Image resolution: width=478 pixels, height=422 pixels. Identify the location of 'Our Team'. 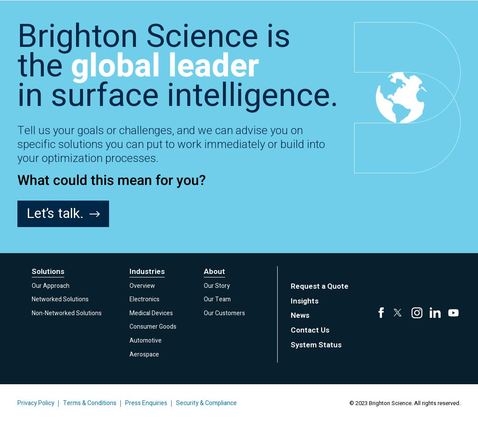
(217, 299).